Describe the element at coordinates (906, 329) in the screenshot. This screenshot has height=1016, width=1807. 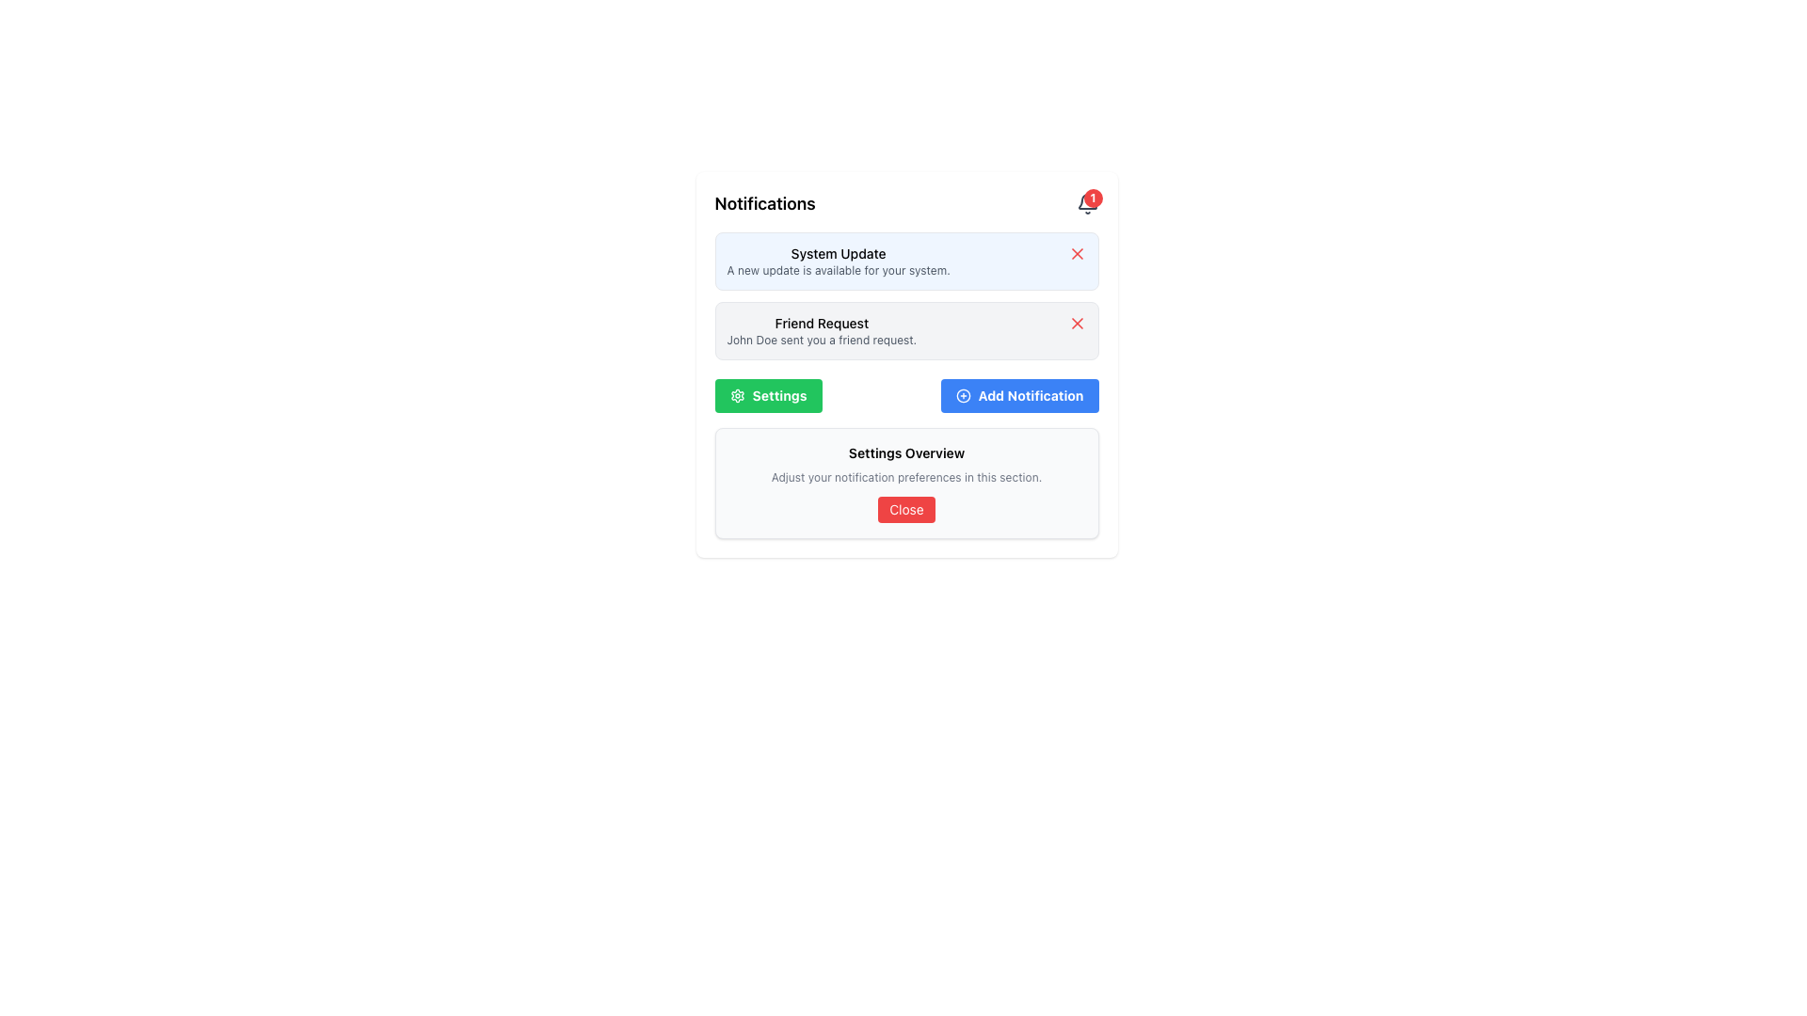
I see `notification titled 'Friend Request' that states 'John Doe sent you a friend request.'` at that location.